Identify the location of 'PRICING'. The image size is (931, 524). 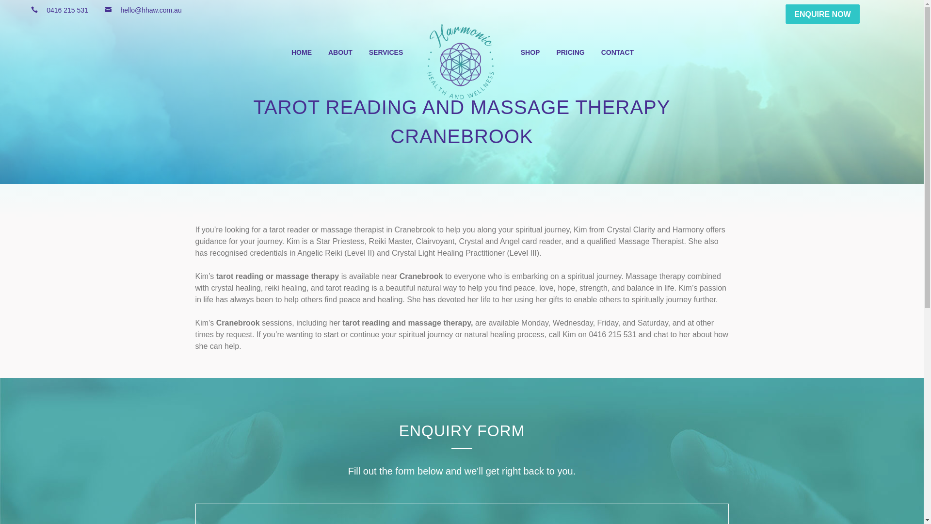
(570, 52).